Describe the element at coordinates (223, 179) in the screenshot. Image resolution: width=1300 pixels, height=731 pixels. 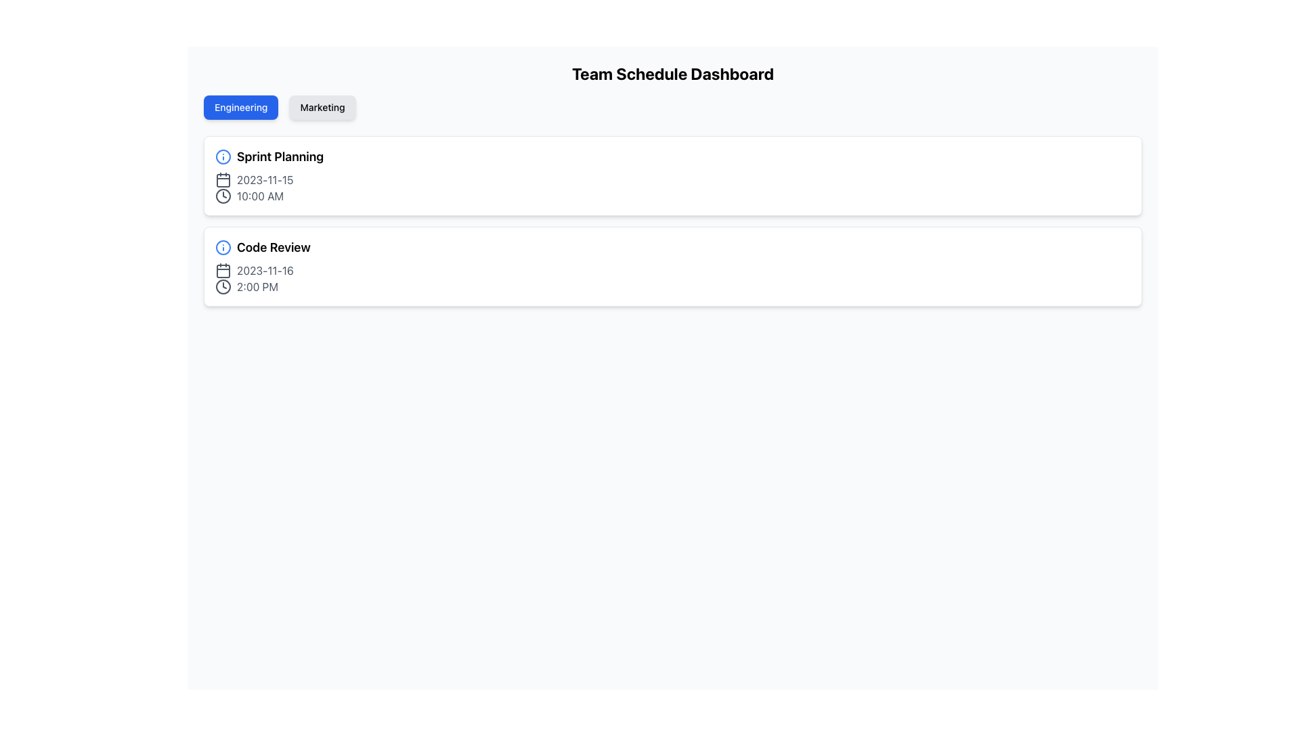
I see `the central rectangular region of the calendar icon, which visually represents dates or events in the interface, located adjacent to the 'Sprint Planning' text in the schedule dashboard` at that location.